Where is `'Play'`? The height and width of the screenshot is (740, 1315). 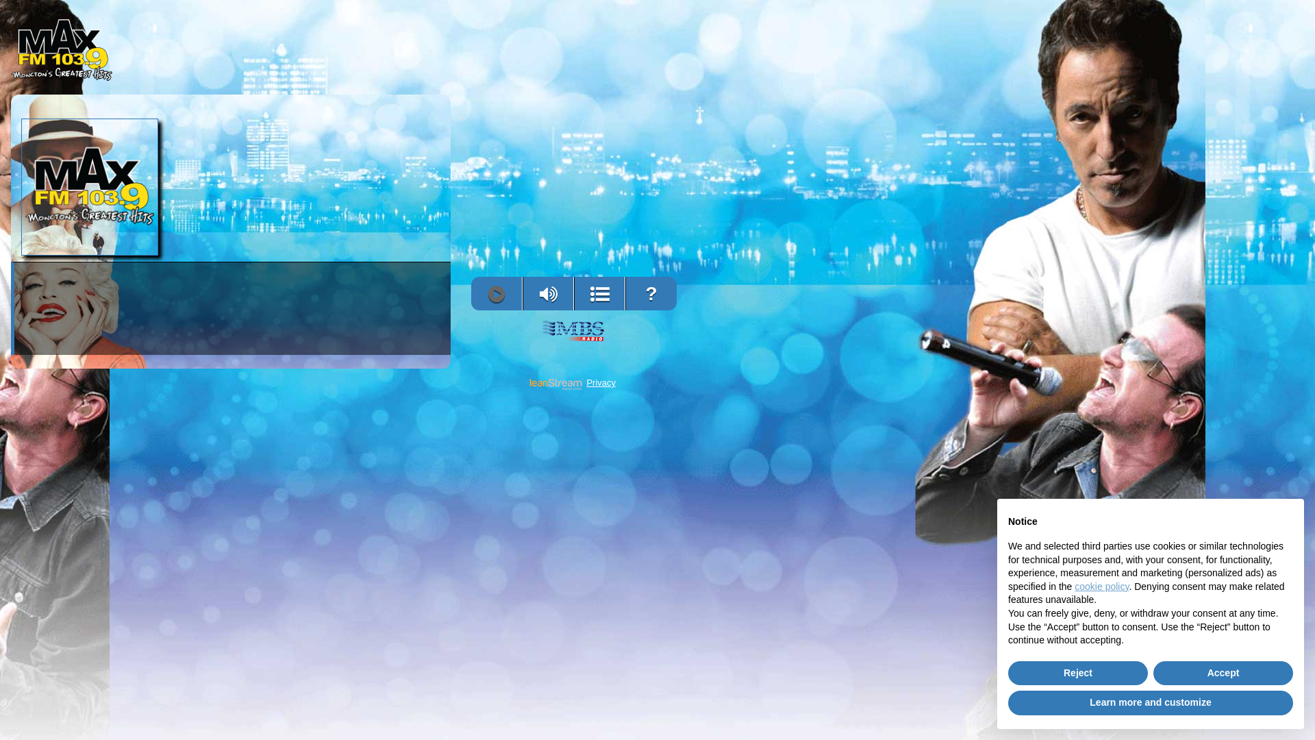 'Play' is located at coordinates (495, 293).